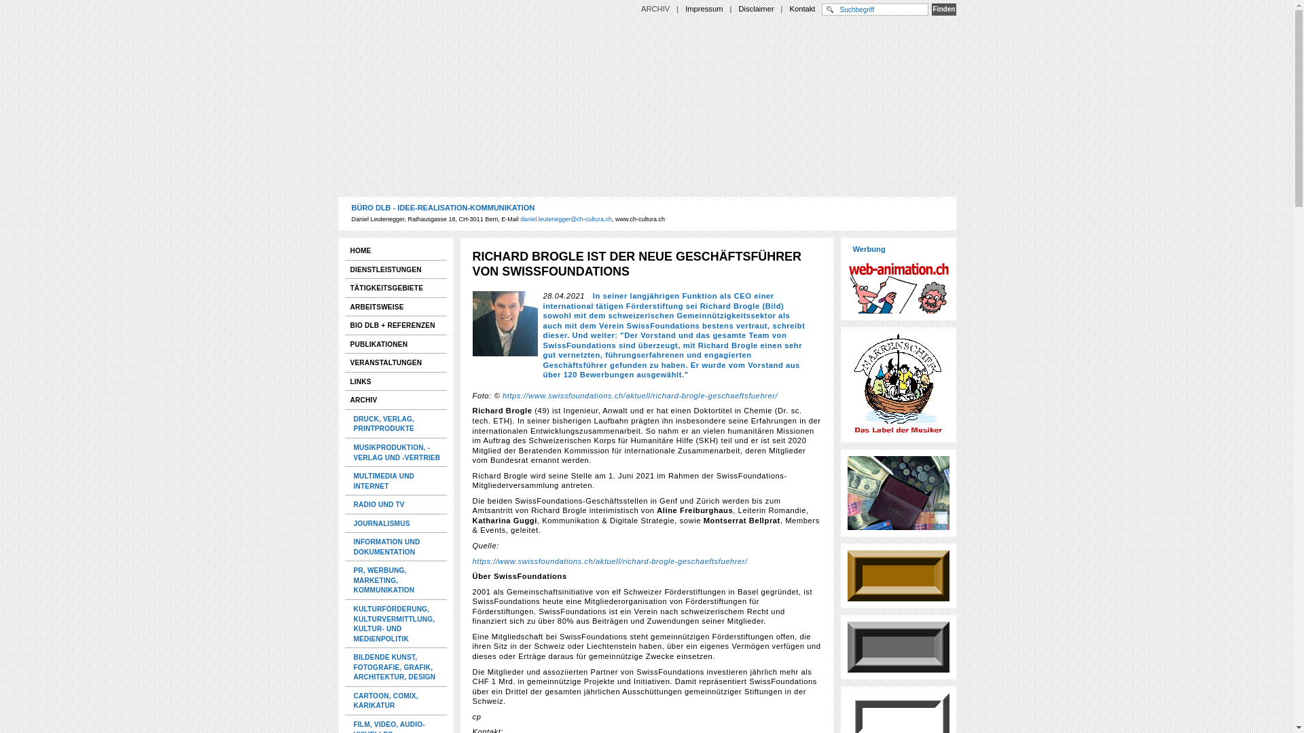 Image resolution: width=1304 pixels, height=733 pixels. Describe the element at coordinates (395, 307) in the screenshot. I see `'ARBEITSWEISE'` at that location.